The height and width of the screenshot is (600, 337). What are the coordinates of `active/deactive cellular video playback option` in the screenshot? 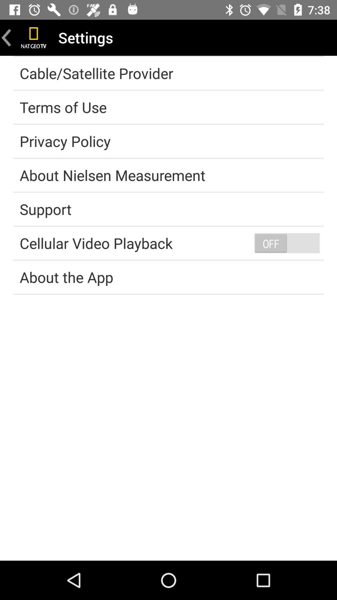 It's located at (287, 242).